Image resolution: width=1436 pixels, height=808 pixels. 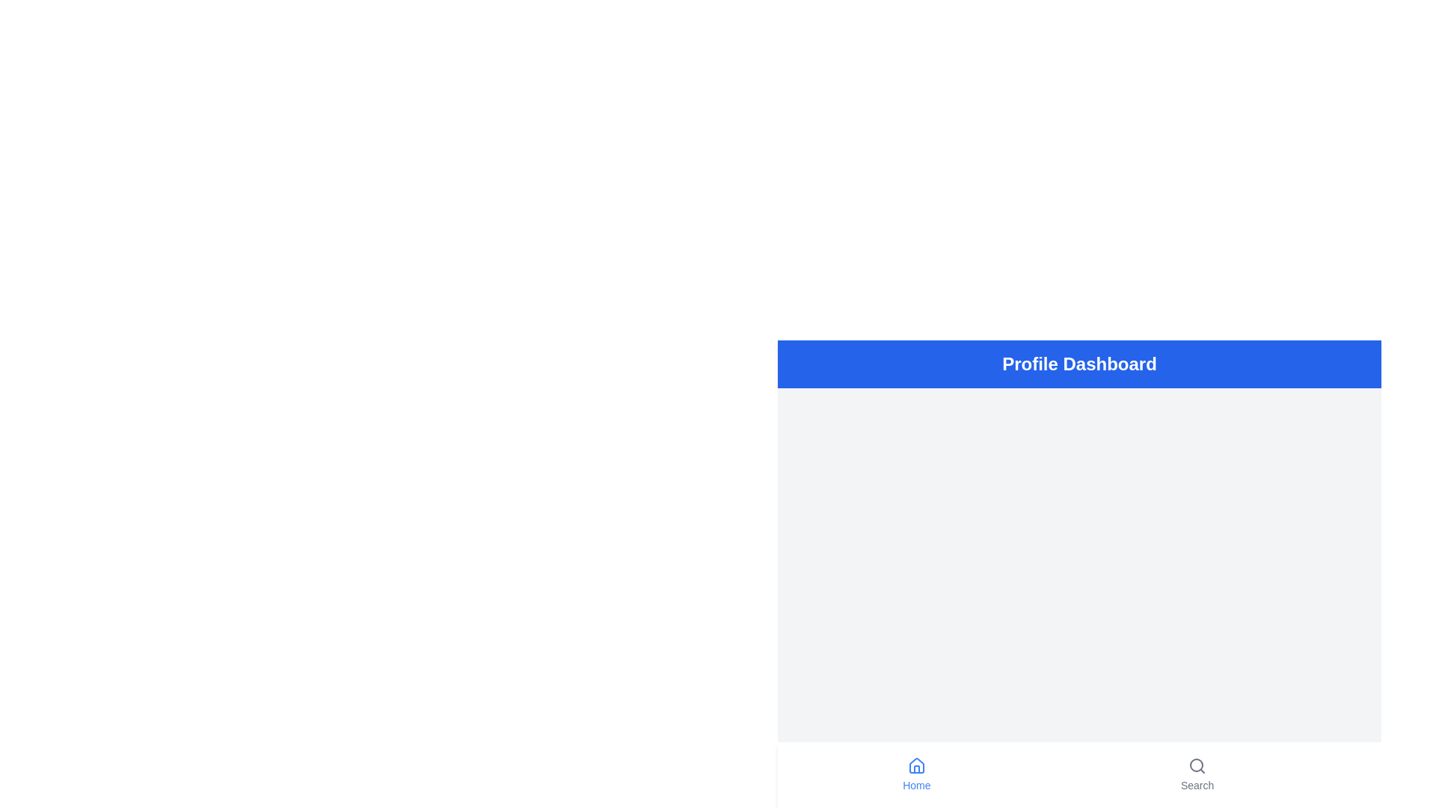 I want to click on the 'Search' section text label located in the bottom navigation bar, positioned to the right of the 'Home' section icon and label, so click(x=1197, y=784).